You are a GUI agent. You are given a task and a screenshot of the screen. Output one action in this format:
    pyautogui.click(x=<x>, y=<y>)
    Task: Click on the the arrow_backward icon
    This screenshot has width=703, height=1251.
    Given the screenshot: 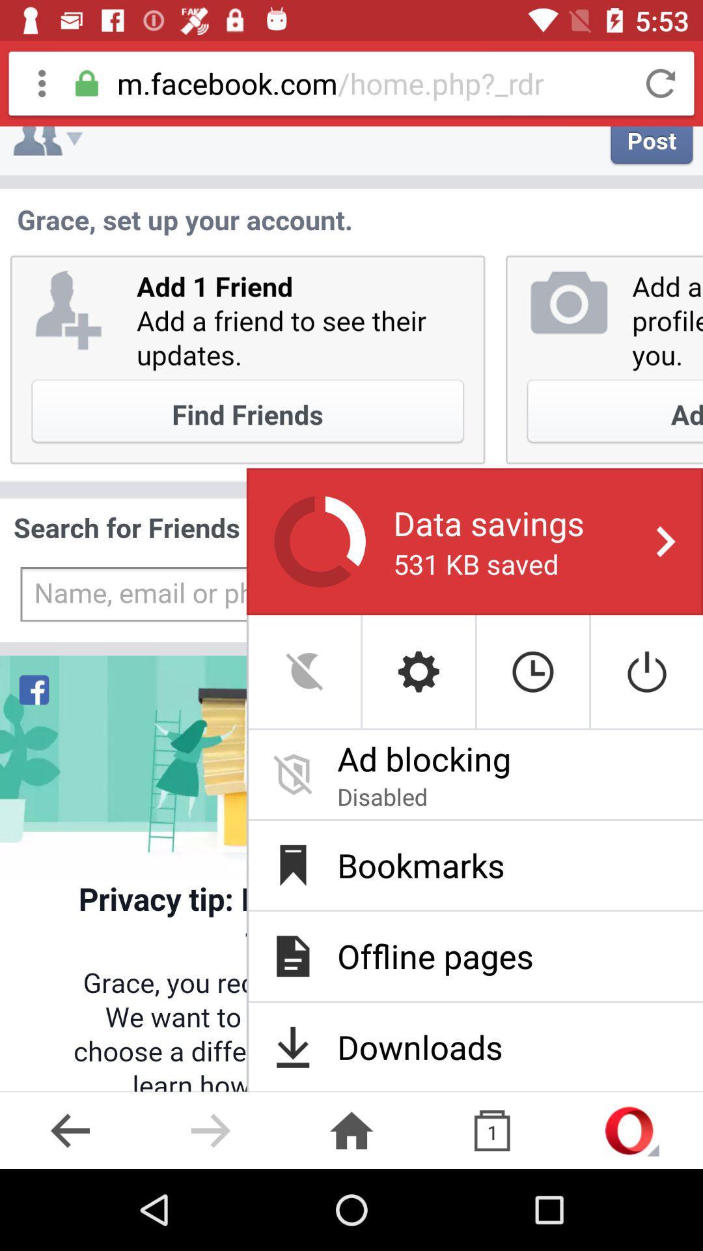 What is the action you would take?
    pyautogui.click(x=70, y=1130)
    